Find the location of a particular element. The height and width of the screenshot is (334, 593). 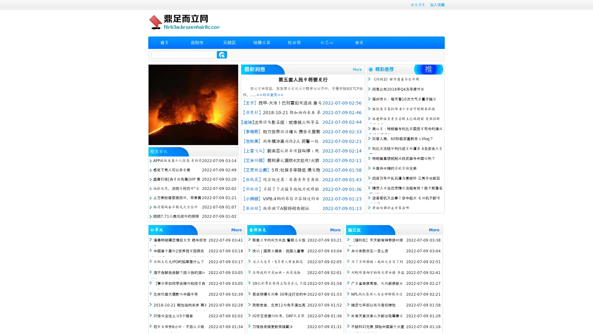

Search is located at coordinates (222, 54).